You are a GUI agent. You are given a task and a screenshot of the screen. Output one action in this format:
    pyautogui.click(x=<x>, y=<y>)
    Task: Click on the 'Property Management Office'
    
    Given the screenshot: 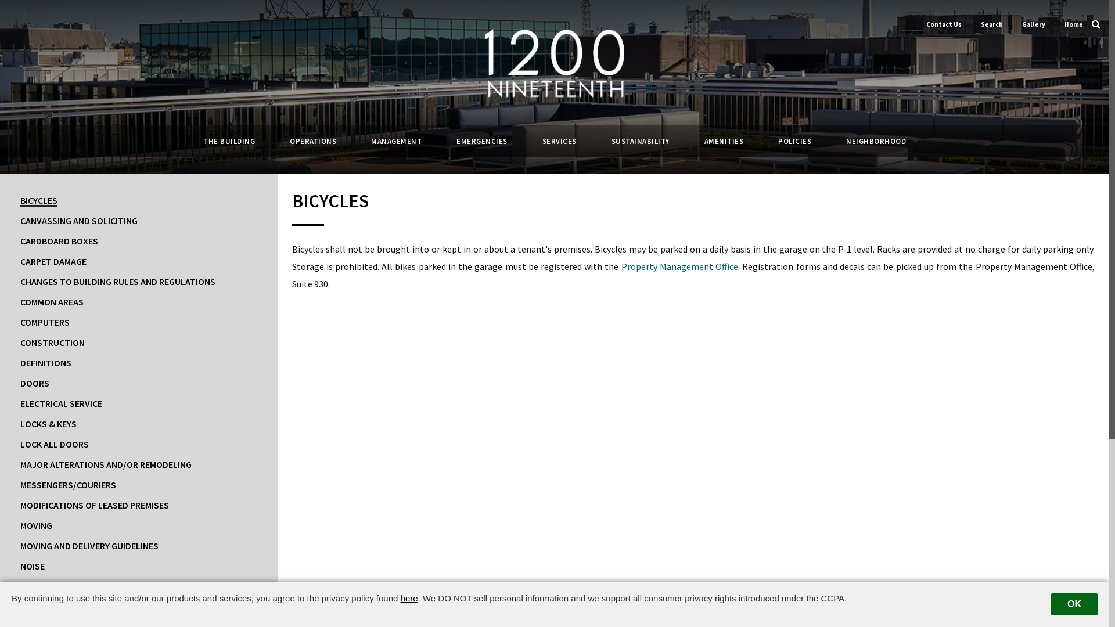 What is the action you would take?
    pyautogui.click(x=679, y=266)
    